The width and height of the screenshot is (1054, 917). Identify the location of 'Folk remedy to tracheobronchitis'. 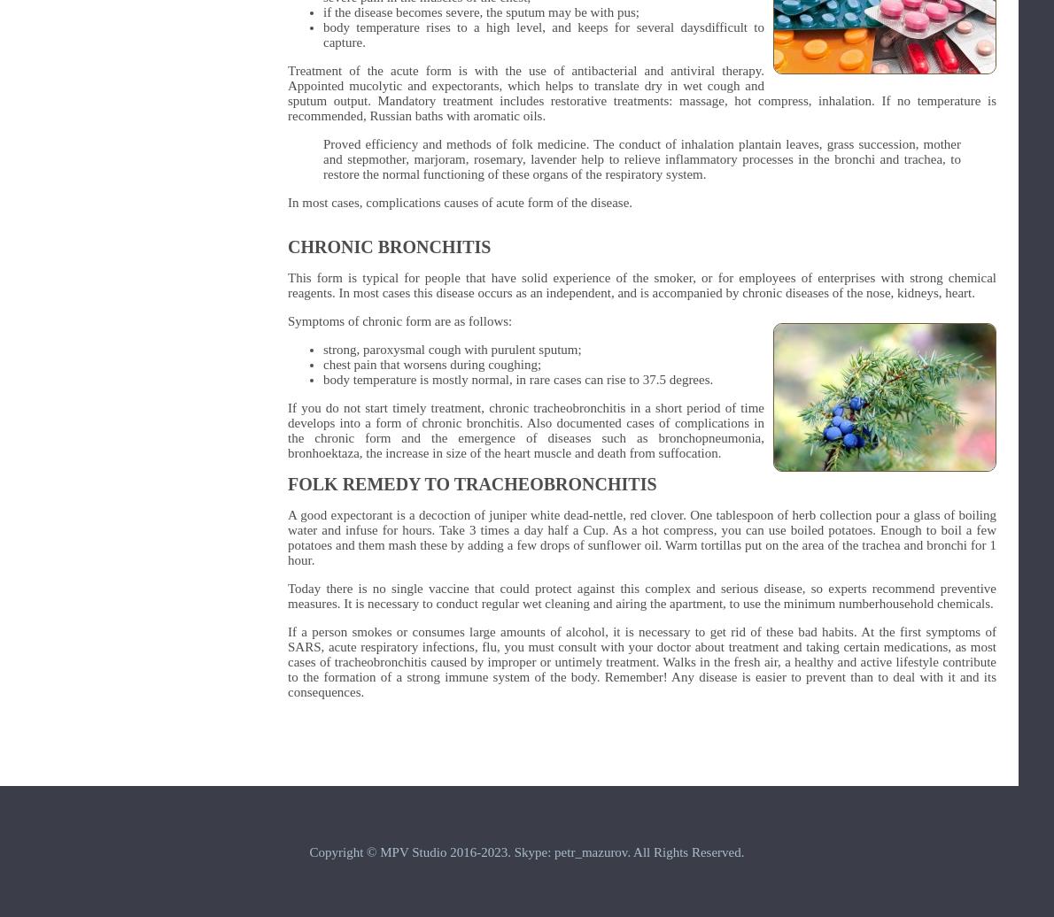
(471, 484).